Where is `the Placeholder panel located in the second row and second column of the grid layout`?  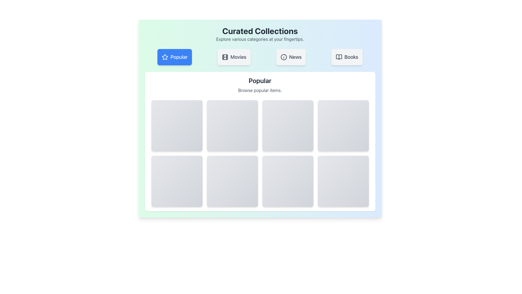 the Placeholder panel located in the second row and second column of the grid layout is located at coordinates (232, 181).